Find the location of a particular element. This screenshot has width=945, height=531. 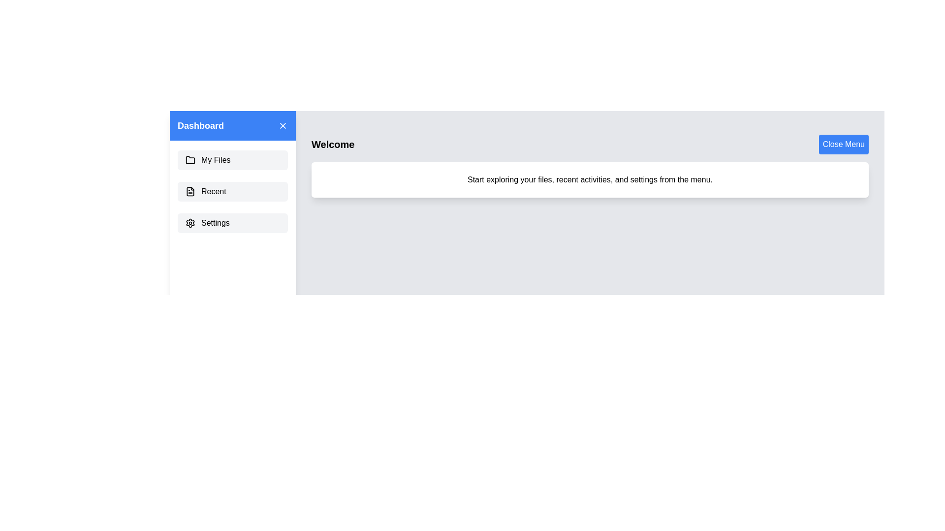

the 'My Files' button in the menu is located at coordinates (232, 160).